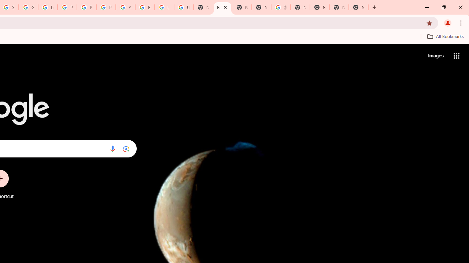  What do you see at coordinates (447, 22) in the screenshot?
I see `'You'` at bounding box center [447, 22].